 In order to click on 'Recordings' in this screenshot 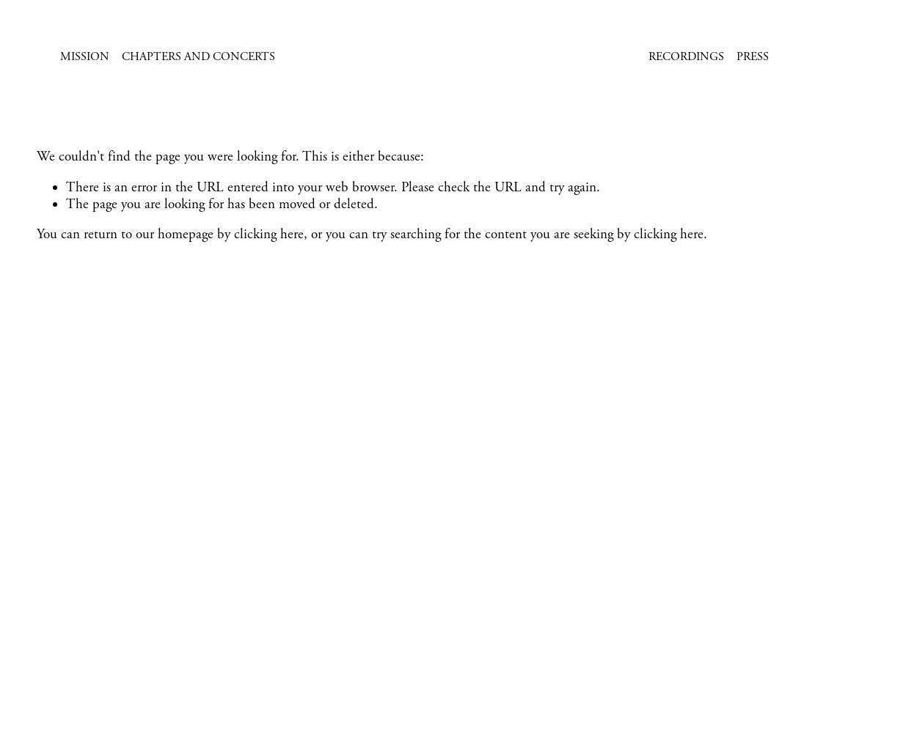, I will do `click(685, 56)`.